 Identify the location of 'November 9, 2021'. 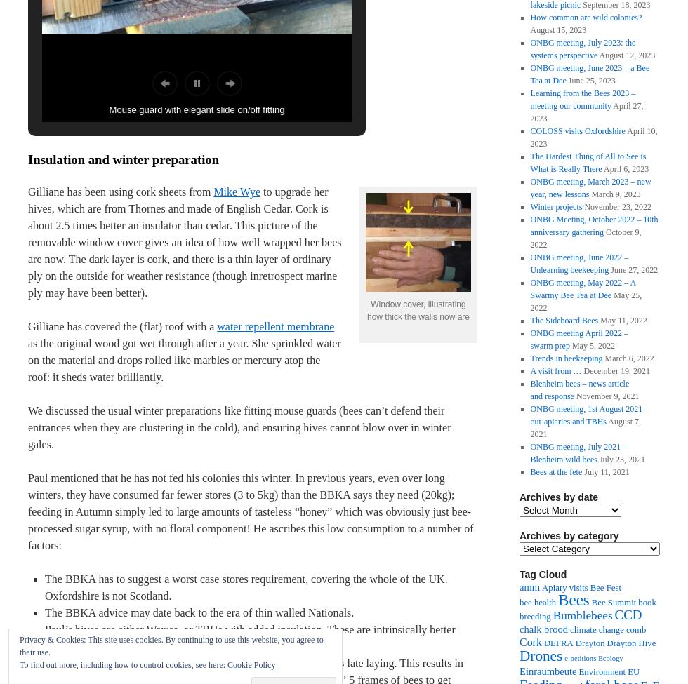
(607, 396).